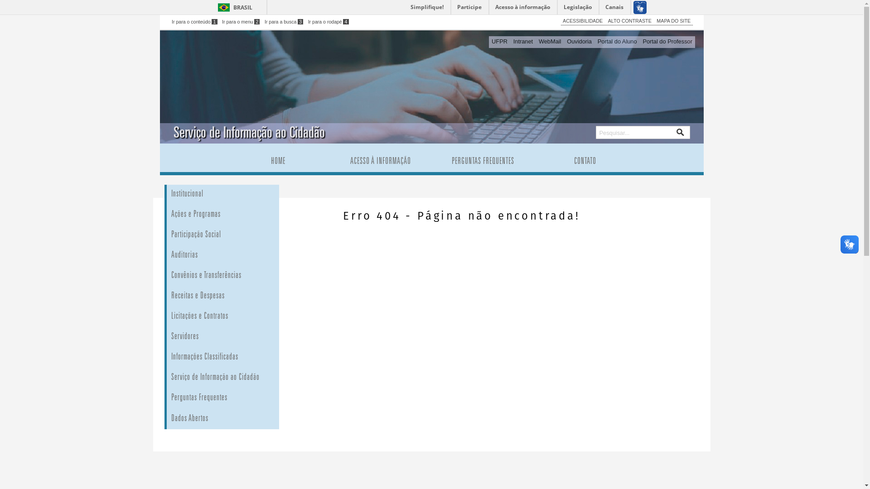 The image size is (870, 489). Describe the element at coordinates (667, 42) in the screenshot. I see `'Portal do Professor'` at that location.